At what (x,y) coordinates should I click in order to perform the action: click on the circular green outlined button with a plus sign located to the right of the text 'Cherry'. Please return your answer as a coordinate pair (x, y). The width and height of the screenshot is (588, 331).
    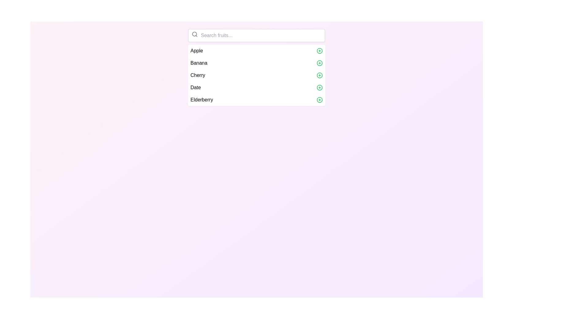
    Looking at the image, I should click on (319, 75).